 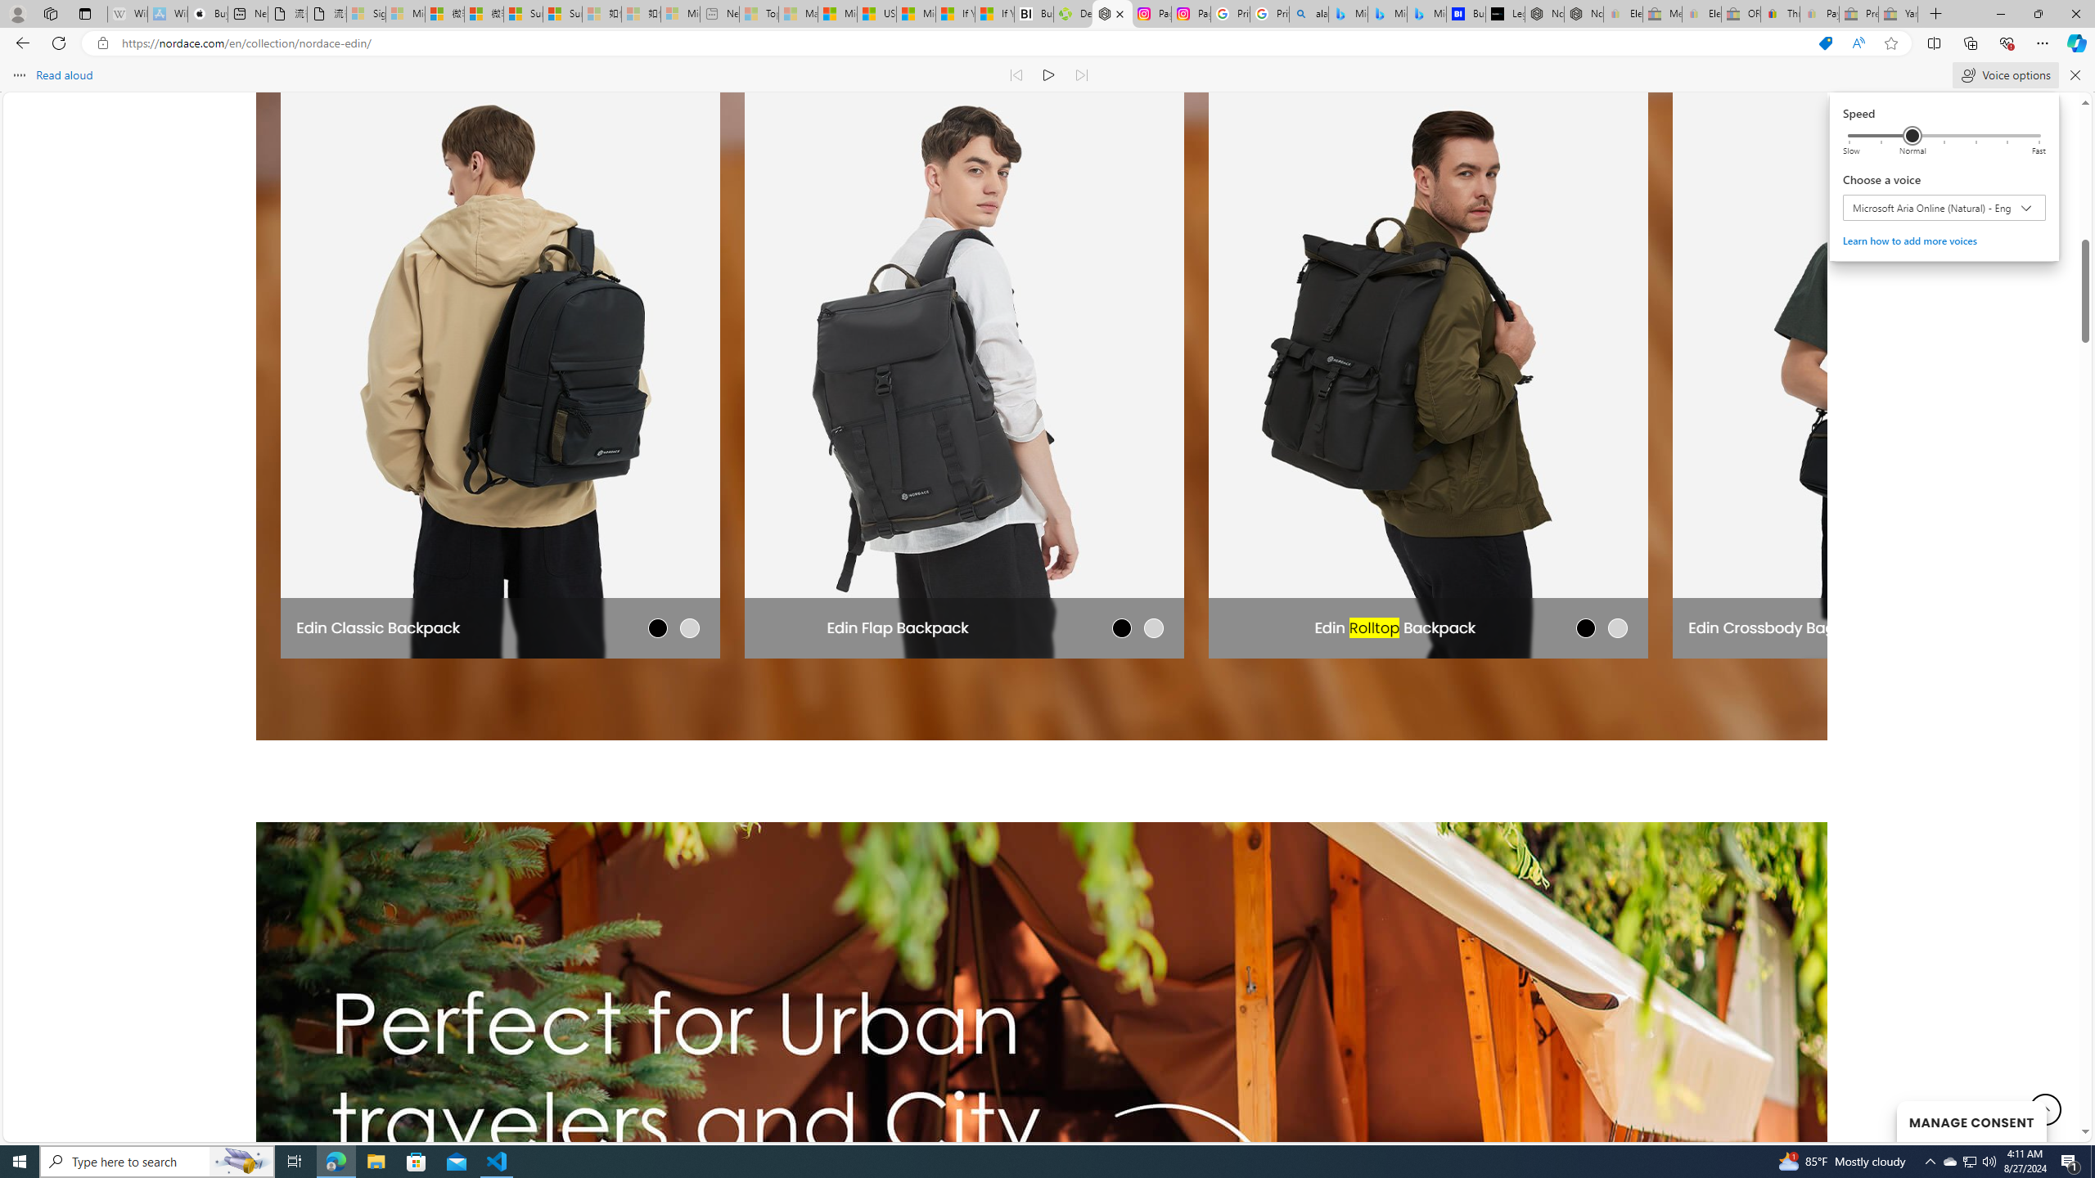 What do you see at coordinates (2070, 1160) in the screenshot?
I see `'Action Center, 1 new notification'` at bounding box center [2070, 1160].